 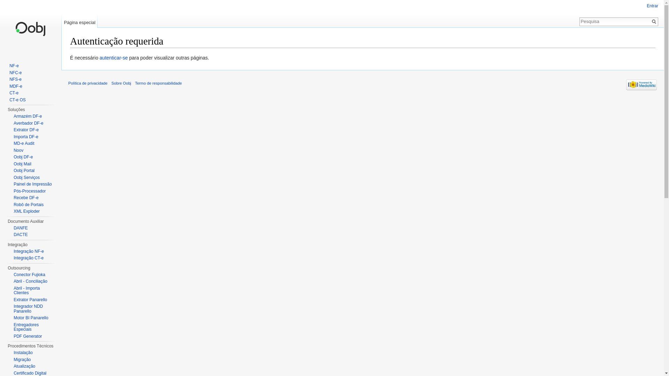 I want to click on 'Ir', so click(x=653, y=21).